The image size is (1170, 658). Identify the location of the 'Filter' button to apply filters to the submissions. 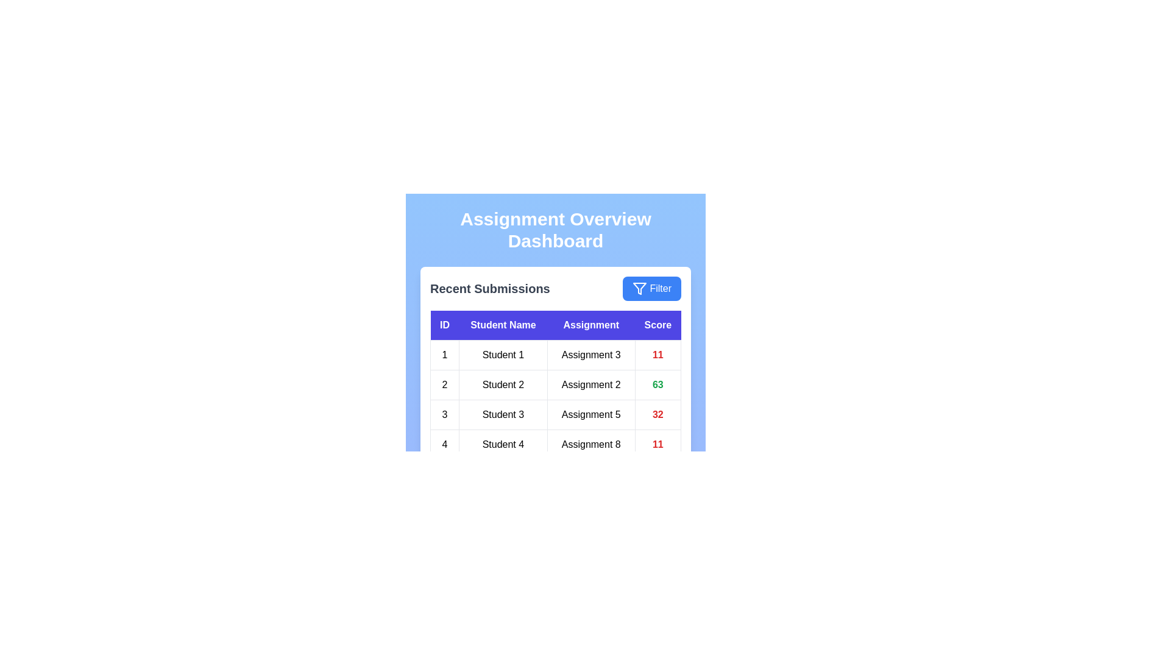
(651, 289).